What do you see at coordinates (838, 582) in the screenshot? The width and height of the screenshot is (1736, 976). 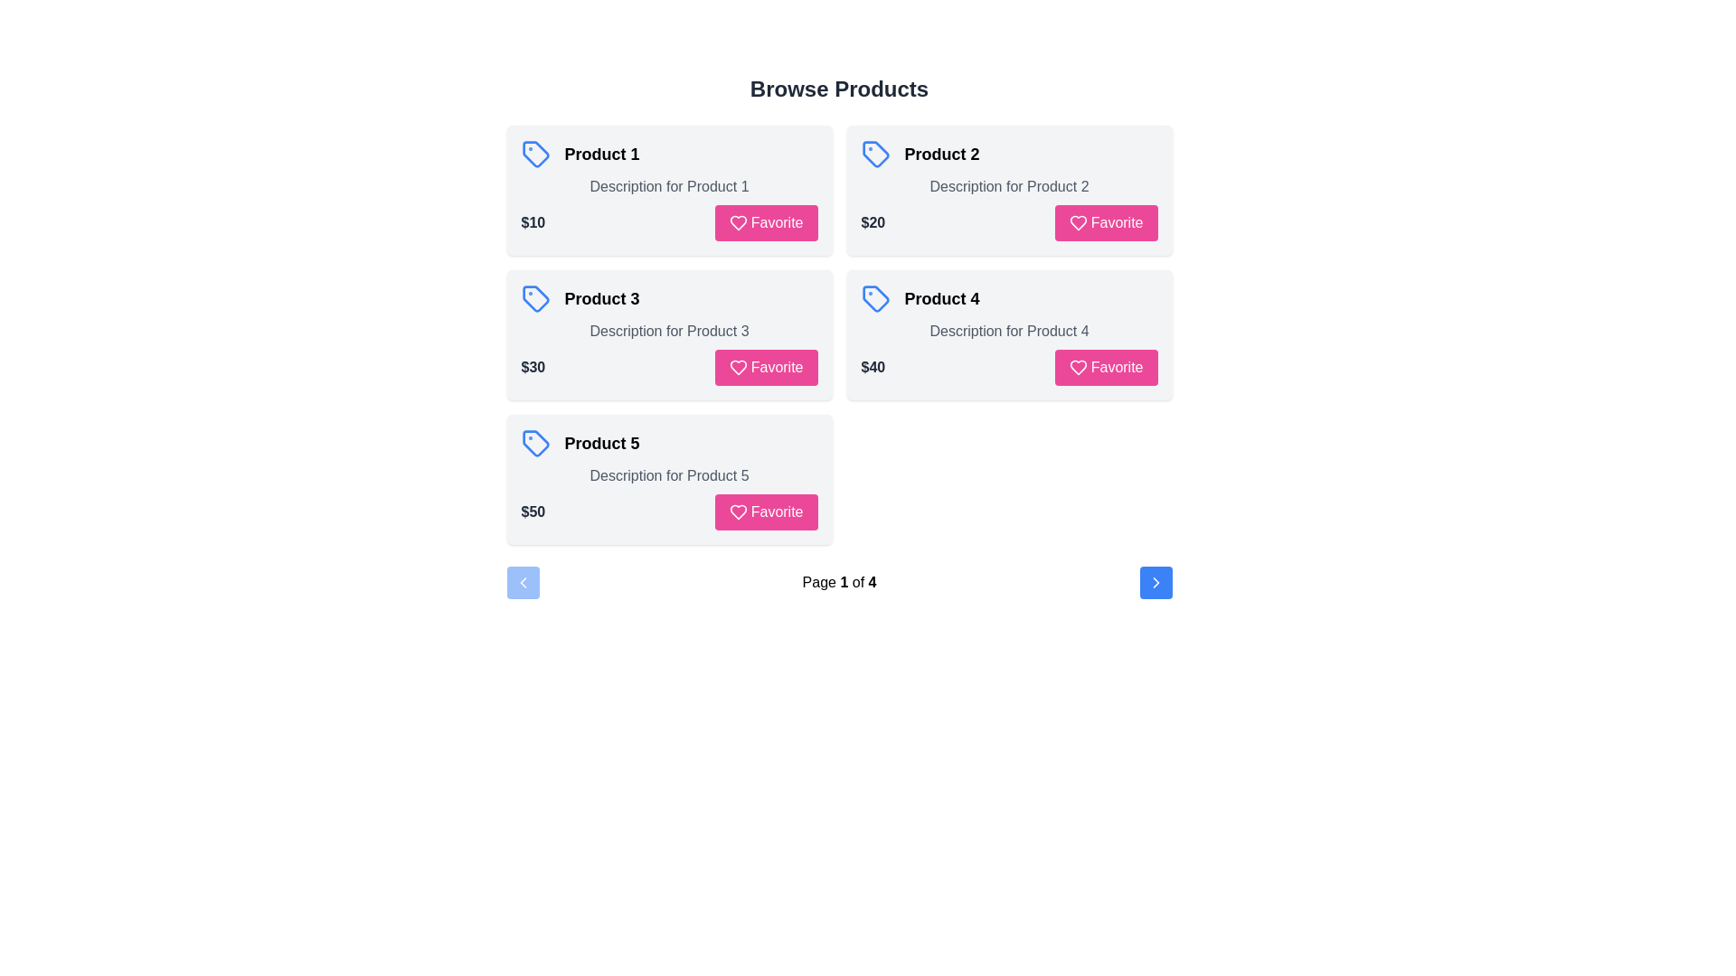 I see `the text display component showing 'Page 1 of 4', which is located at the bottom of the interface between two navigation buttons` at bounding box center [838, 582].